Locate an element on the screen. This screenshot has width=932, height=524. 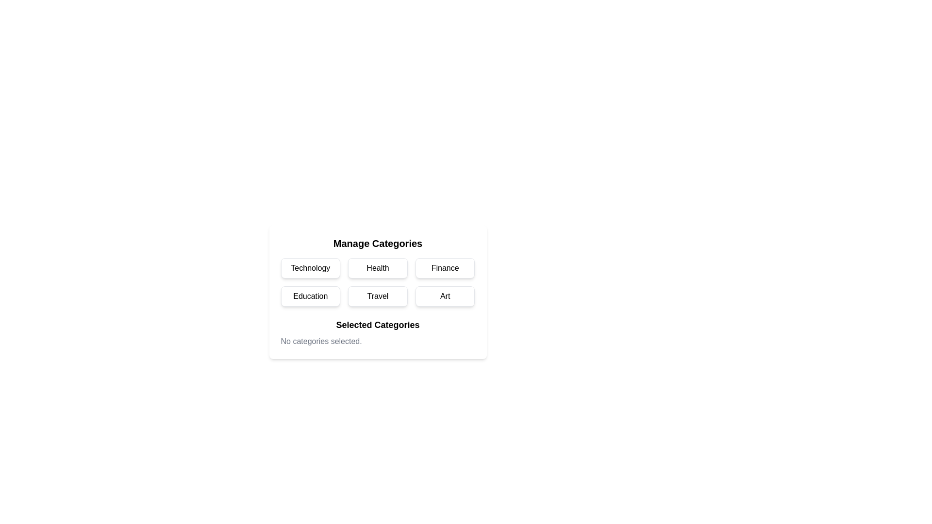
the 'Art' button, which is the sixth button in a grid layout located in the bottom right corner is located at coordinates (445, 295).